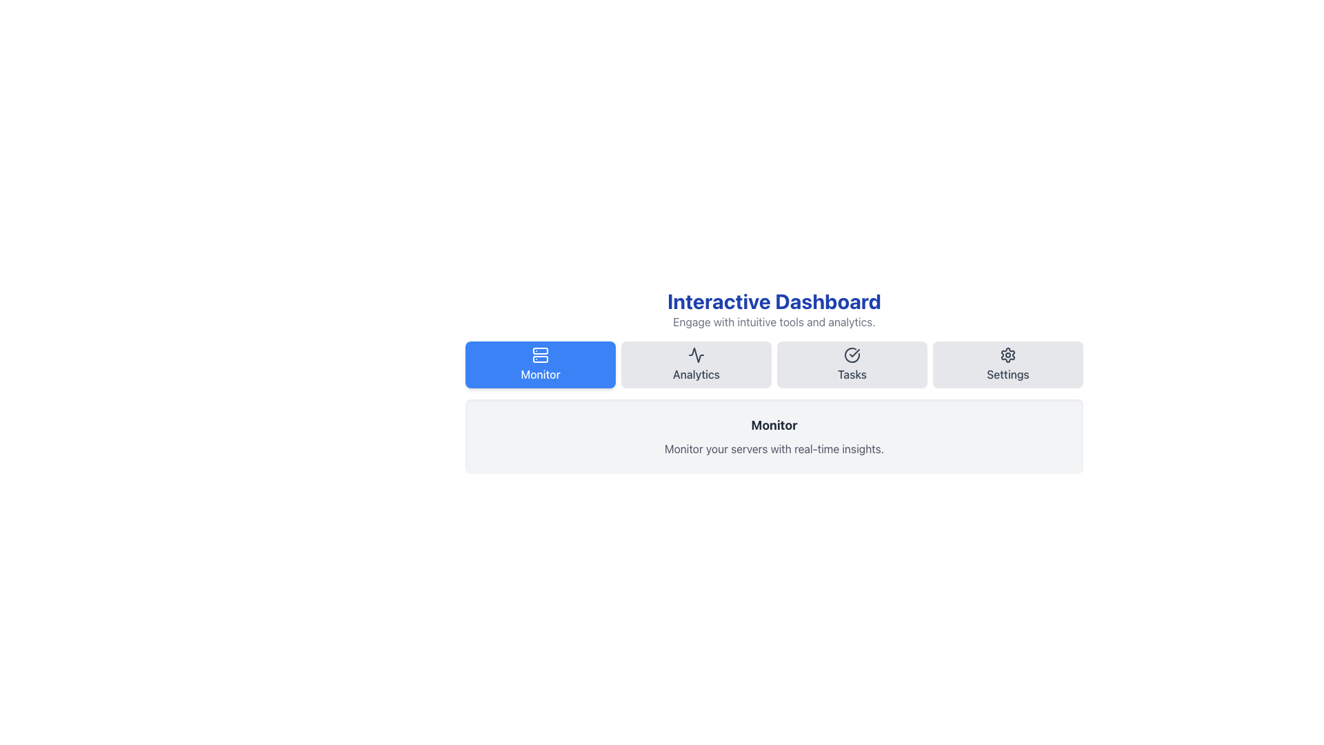 The width and height of the screenshot is (1324, 745). I want to click on the button located under the heading 'Interactive Dashboard', so click(696, 364).